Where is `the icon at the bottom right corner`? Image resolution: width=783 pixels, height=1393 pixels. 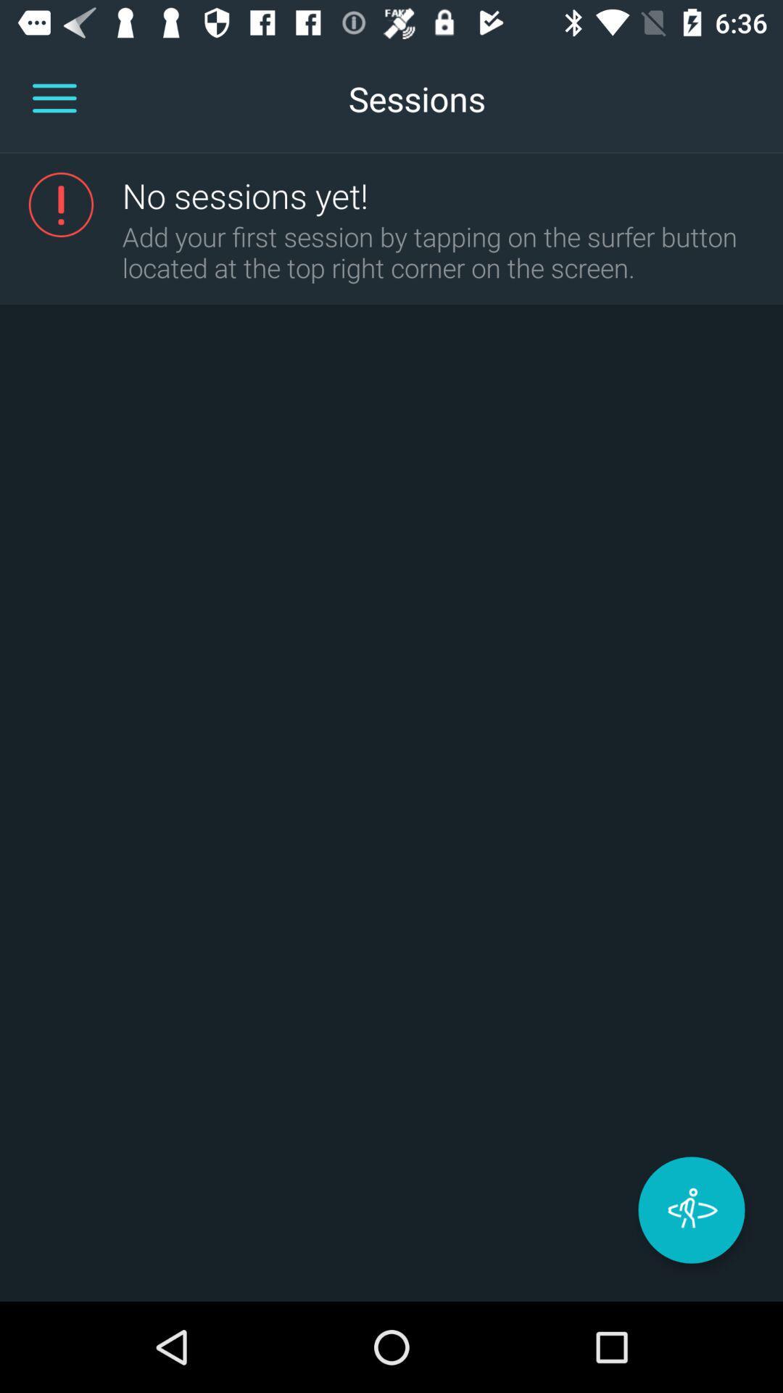 the icon at the bottom right corner is located at coordinates (690, 1210).